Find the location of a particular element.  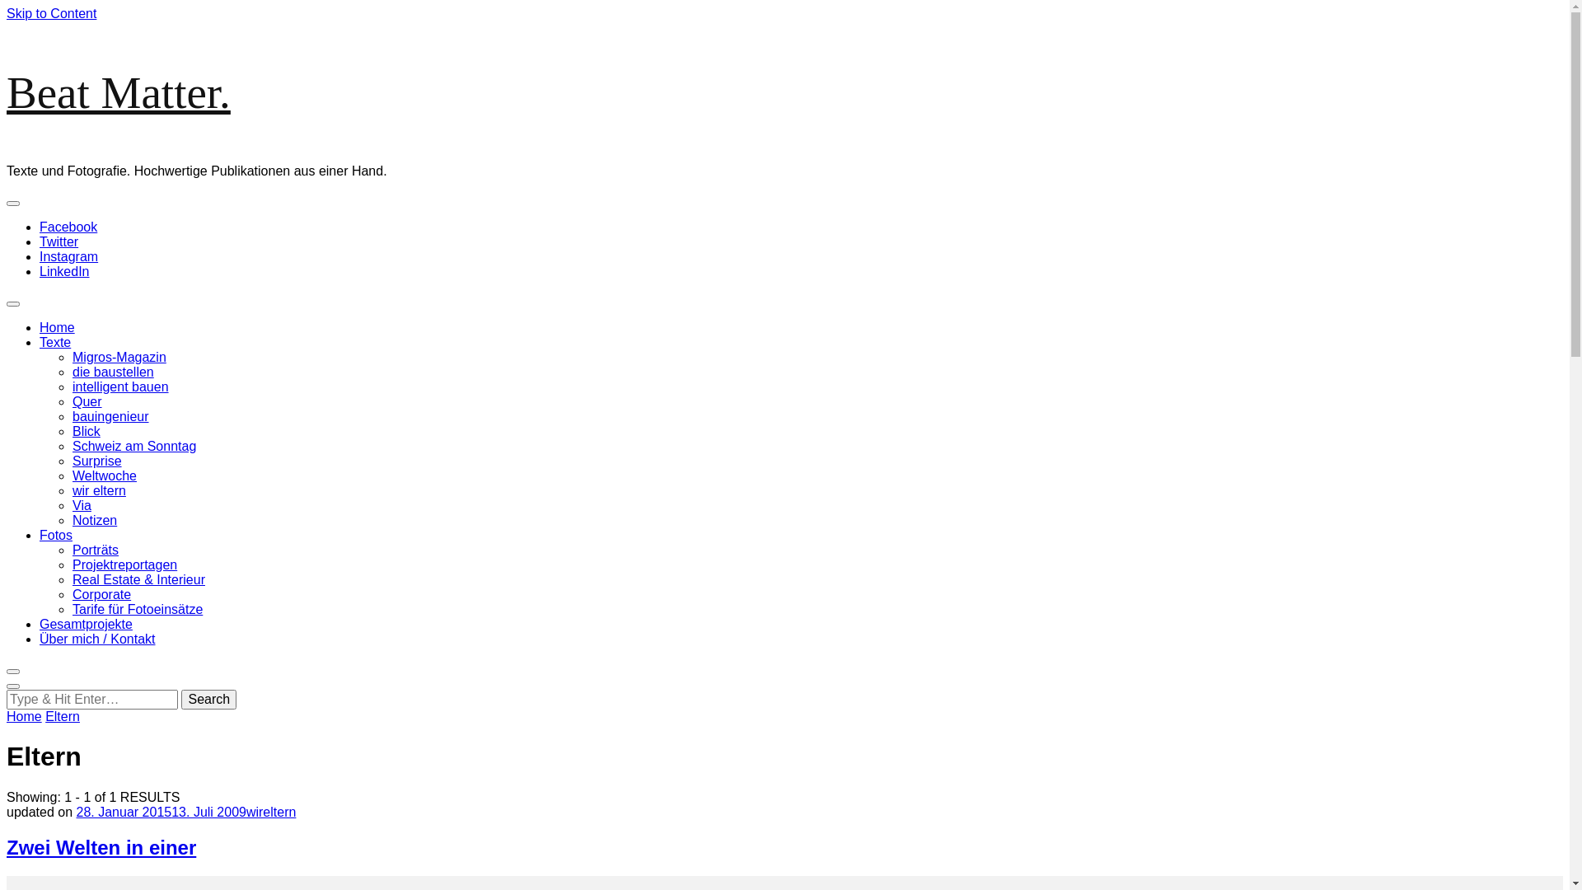

'Gesamtprojekte' is located at coordinates (85, 624).